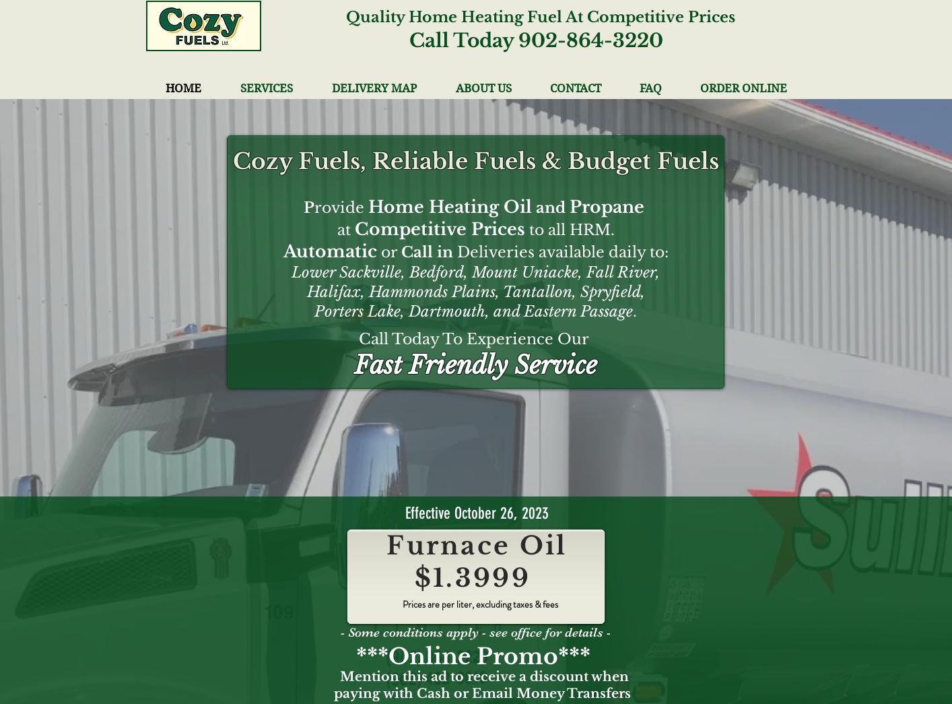 Image resolution: width=952 pixels, height=704 pixels. What do you see at coordinates (534, 338) in the screenshot?
I see `'xperience Our'` at bounding box center [534, 338].